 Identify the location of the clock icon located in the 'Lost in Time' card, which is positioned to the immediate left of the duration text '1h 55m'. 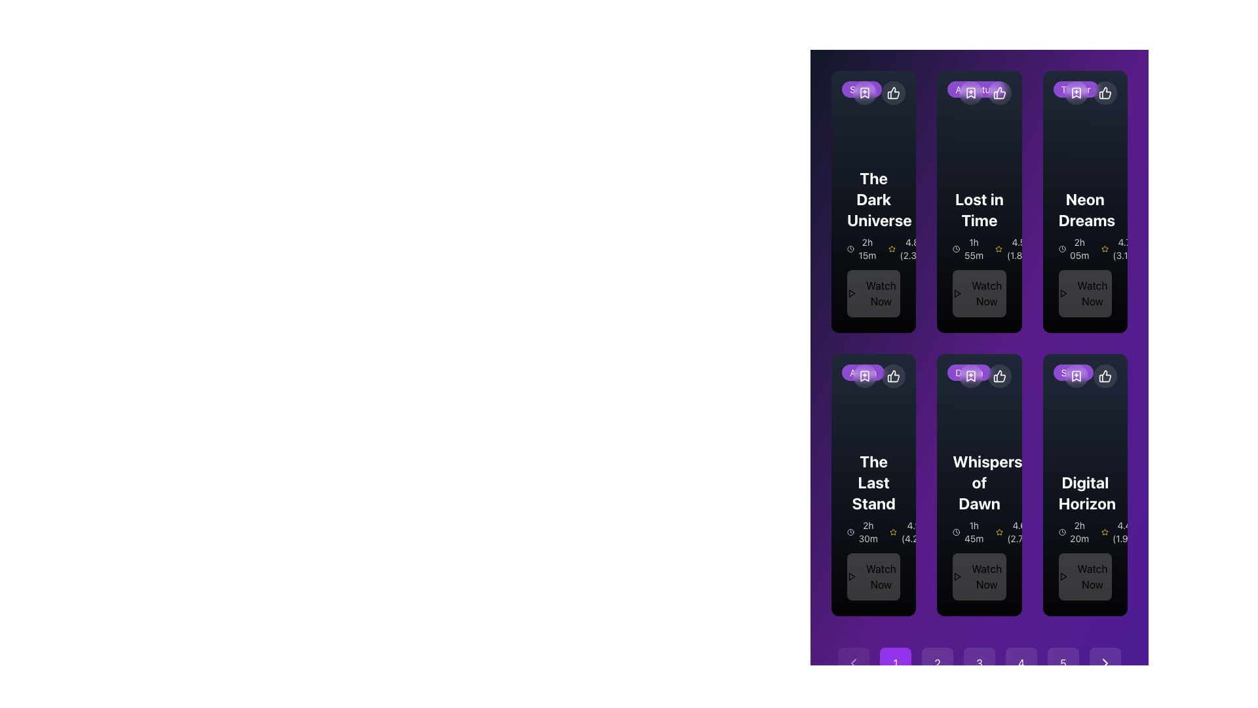
(956, 249).